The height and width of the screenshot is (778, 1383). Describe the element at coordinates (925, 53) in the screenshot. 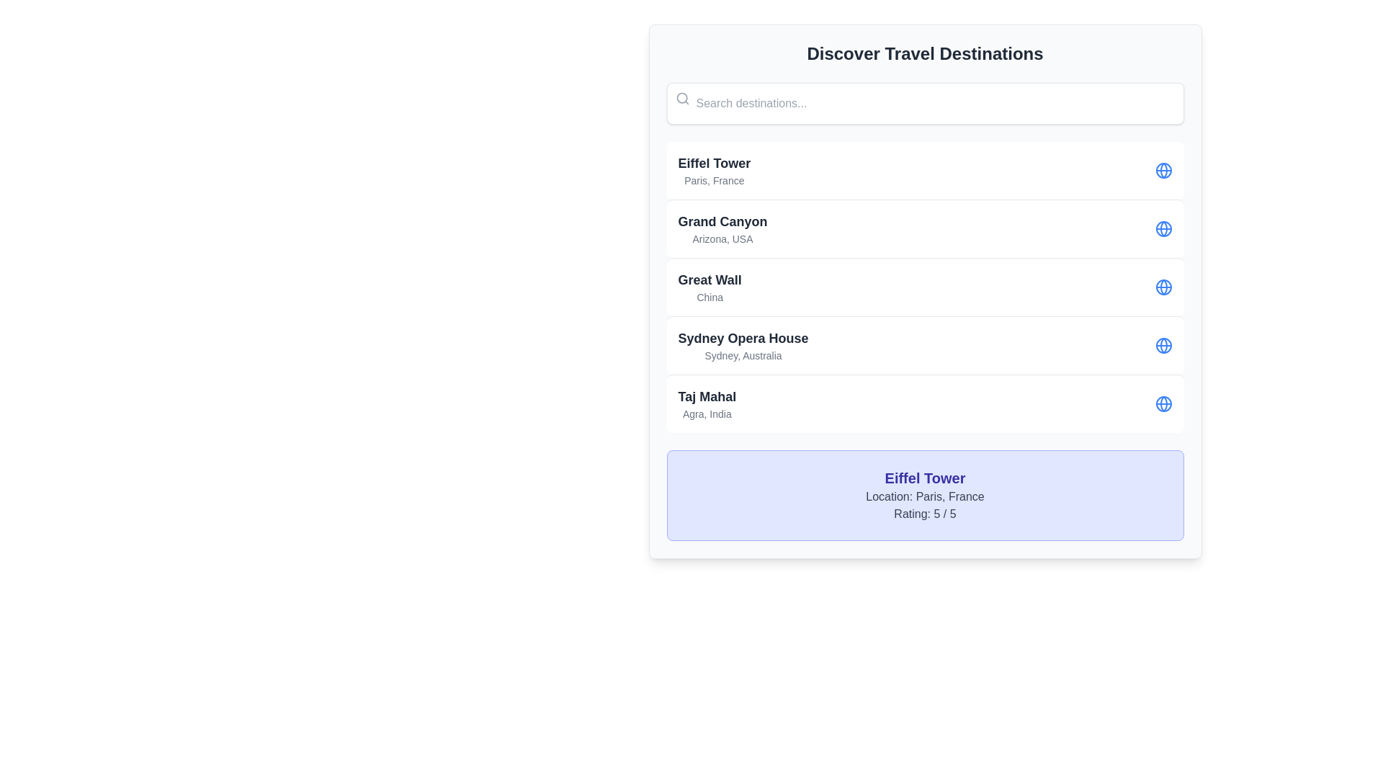

I see `the text element displaying 'Discover Travel Destinations', which is styled in a large, bold font and positioned at the top center of the card layout` at that location.